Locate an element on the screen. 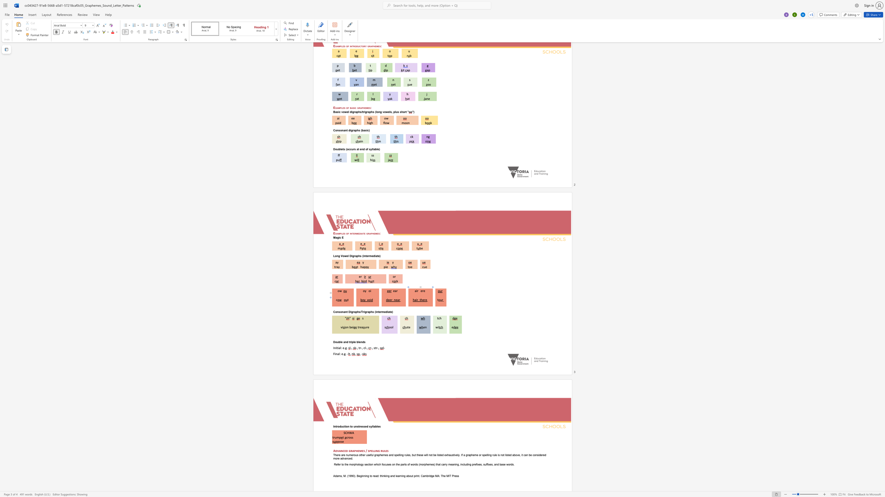  the 1th character "c" in the text is located at coordinates (364, 347).